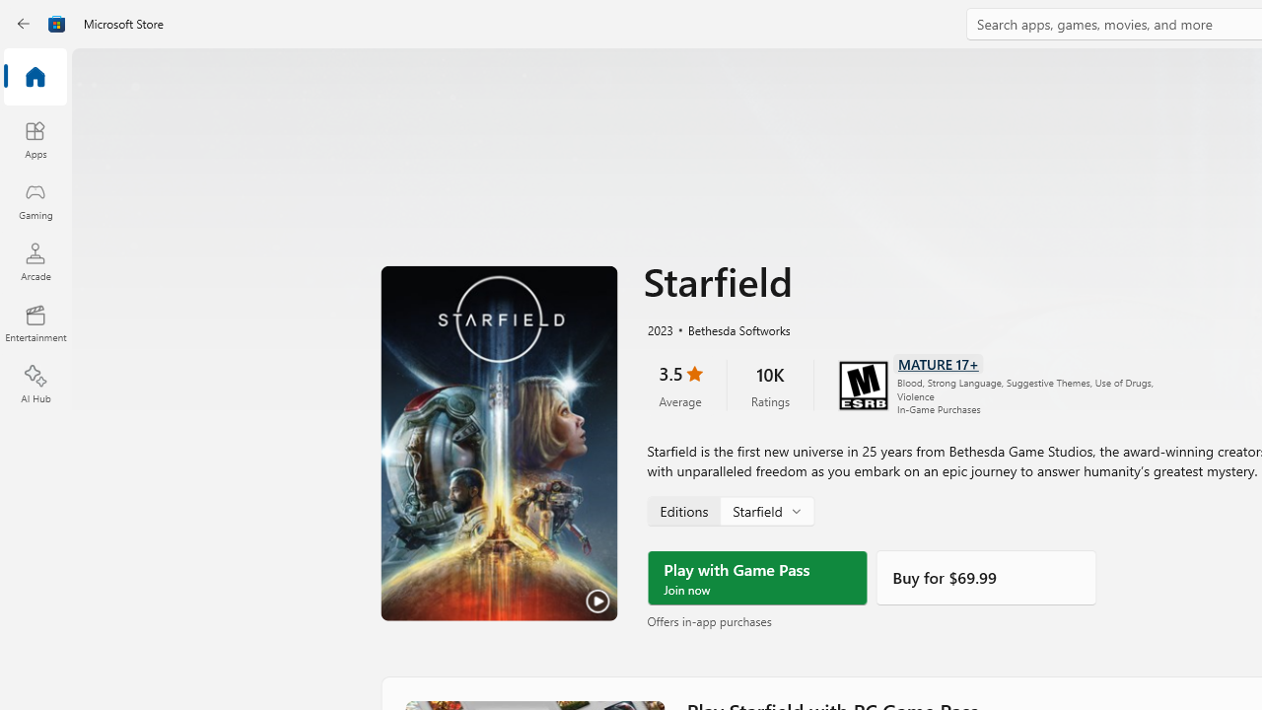 This screenshot has width=1262, height=710. Describe the element at coordinates (679, 384) in the screenshot. I see `'3.5 stars. Click to skip to ratings and reviews'` at that location.